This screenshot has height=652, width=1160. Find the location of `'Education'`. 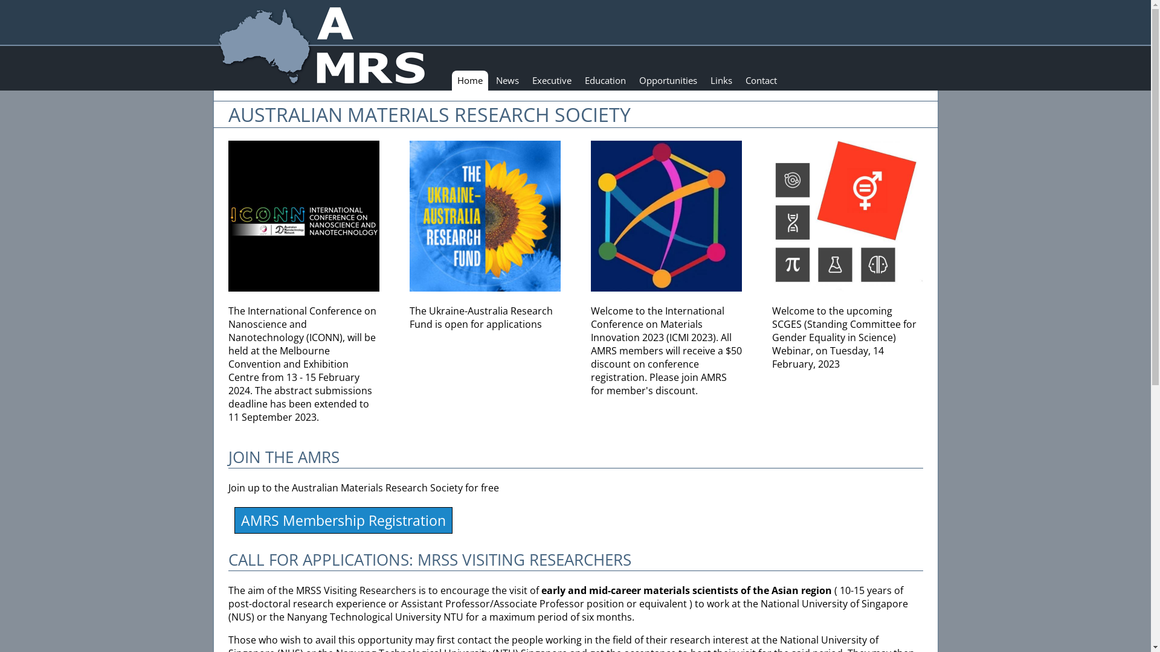

'Education' is located at coordinates (605, 80).